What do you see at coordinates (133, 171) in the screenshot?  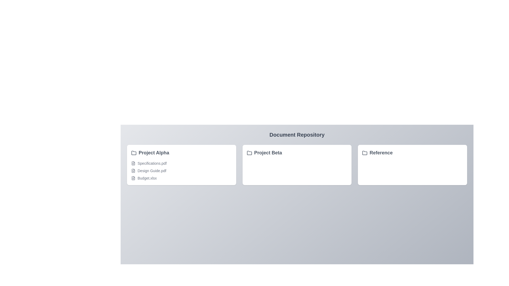 I see `the distinct red and white file icon representing 'Design Guide.pdf'` at bounding box center [133, 171].